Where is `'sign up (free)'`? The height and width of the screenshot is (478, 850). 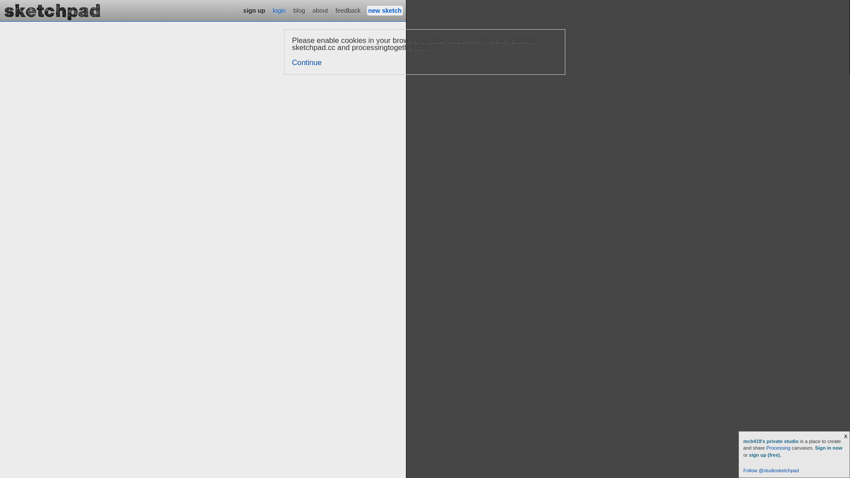 'sign up (free)' is located at coordinates (764, 455).